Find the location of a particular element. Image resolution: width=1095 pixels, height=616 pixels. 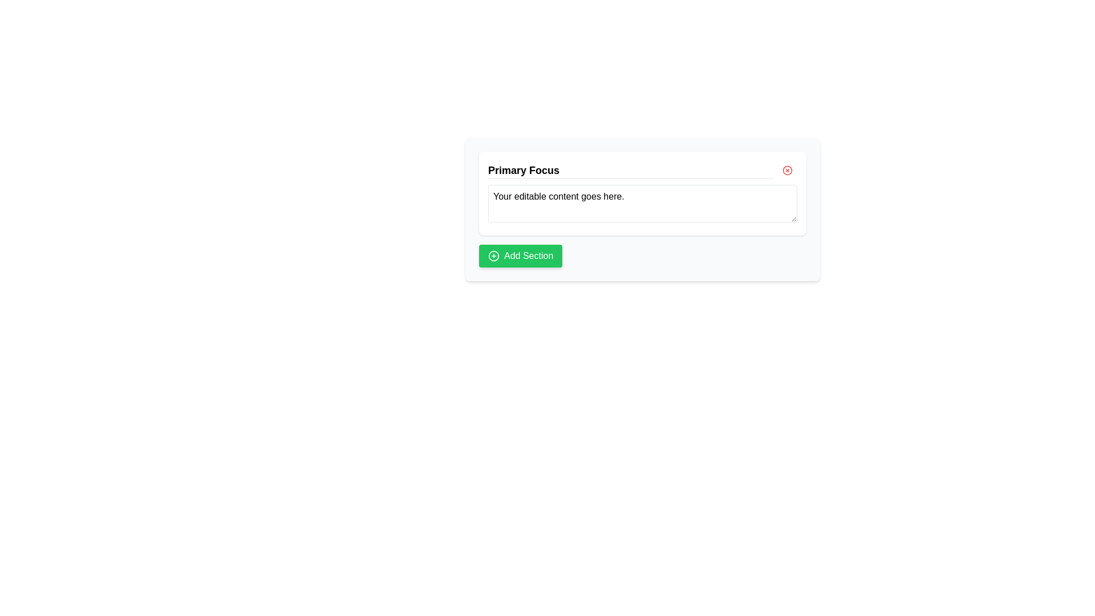

the Close icon button, which is a red circular icon with a cross inside, located in the top-right corner of the 'Primary Focus' input box is located at coordinates (787, 171).